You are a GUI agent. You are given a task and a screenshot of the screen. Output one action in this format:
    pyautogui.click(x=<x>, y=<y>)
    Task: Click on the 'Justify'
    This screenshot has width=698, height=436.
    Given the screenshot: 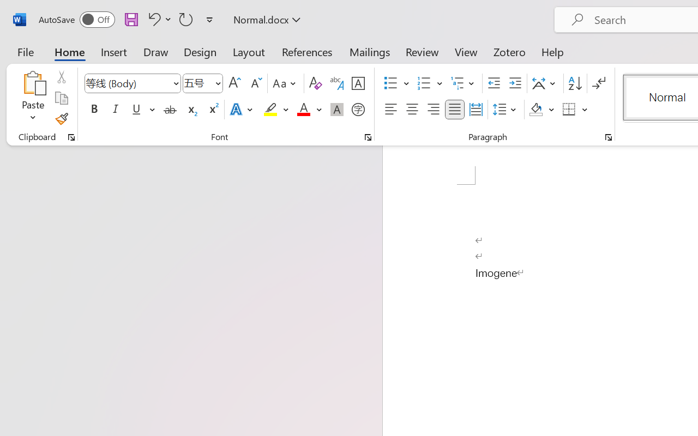 What is the action you would take?
    pyautogui.click(x=455, y=110)
    